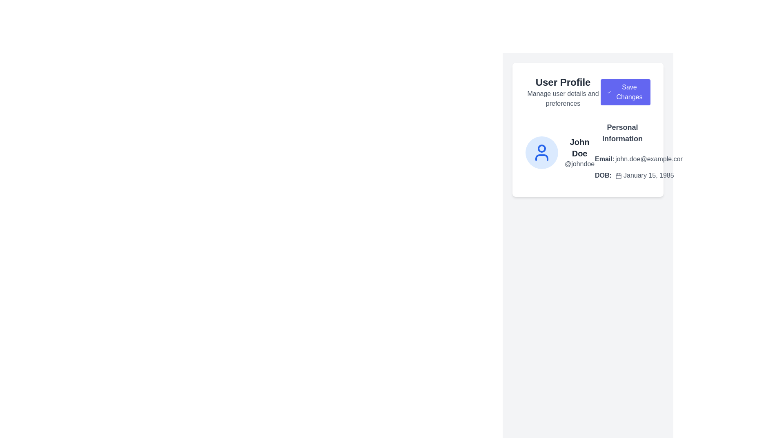 The width and height of the screenshot is (784, 441). What do you see at coordinates (650, 175) in the screenshot?
I see `the date of birth text element located in the bottom right of the 'Personal Information' card, which is positioned immediately to the right of the 'DOB:' label` at bounding box center [650, 175].